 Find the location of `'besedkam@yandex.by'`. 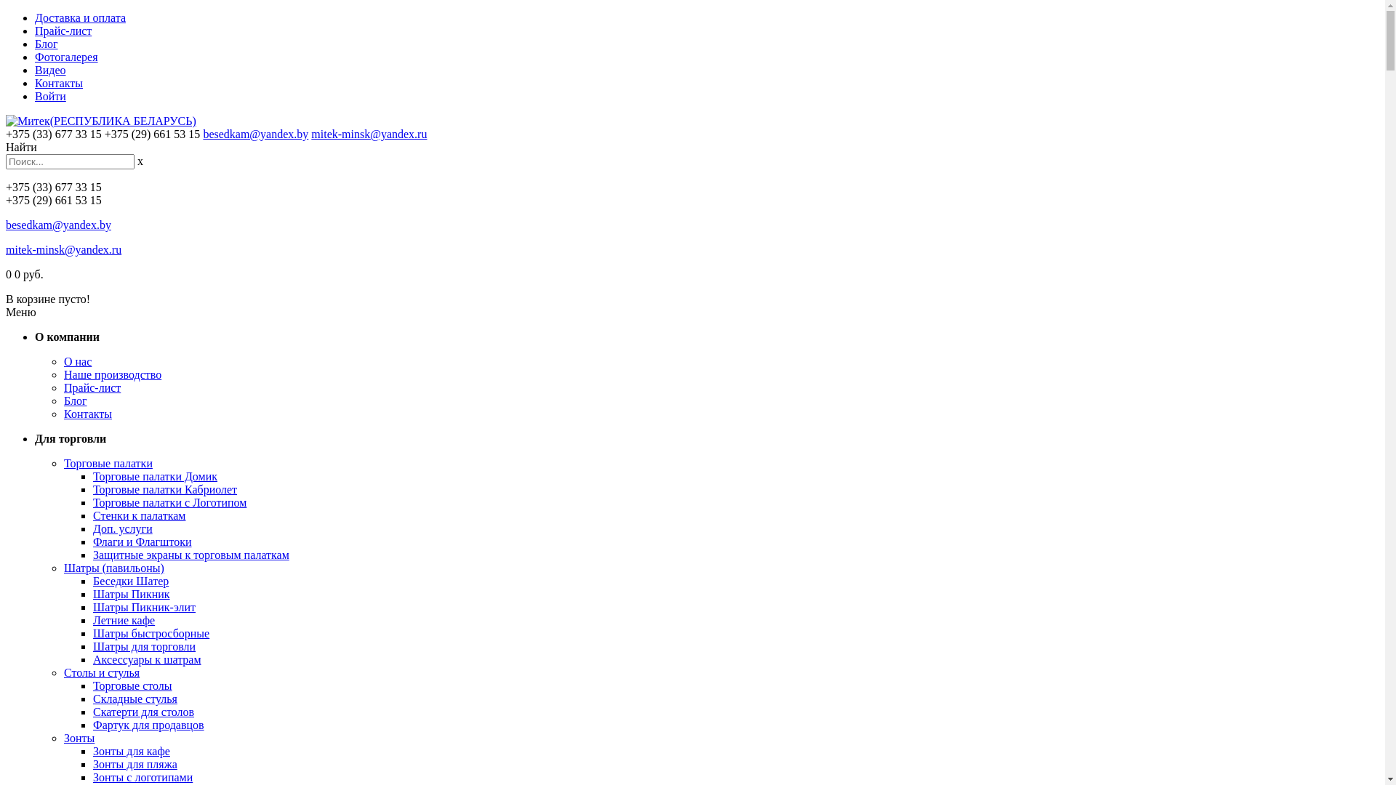

'besedkam@yandex.by' is located at coordinates (201, 134).